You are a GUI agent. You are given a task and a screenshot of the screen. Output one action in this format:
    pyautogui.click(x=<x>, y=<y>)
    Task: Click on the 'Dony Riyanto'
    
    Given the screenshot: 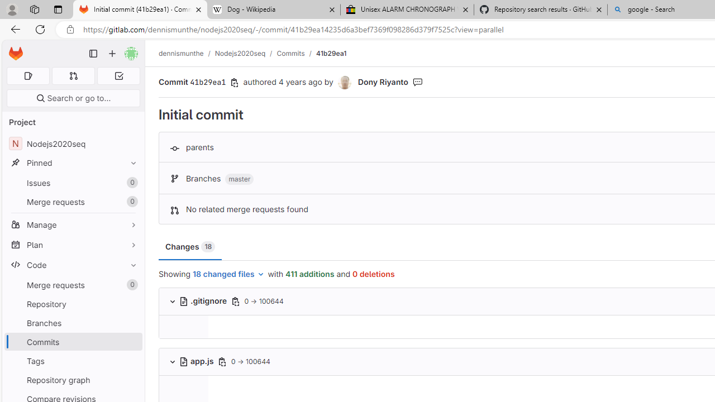 What is the action you would take?
    pyautogui.click(x=345, y=82)
    